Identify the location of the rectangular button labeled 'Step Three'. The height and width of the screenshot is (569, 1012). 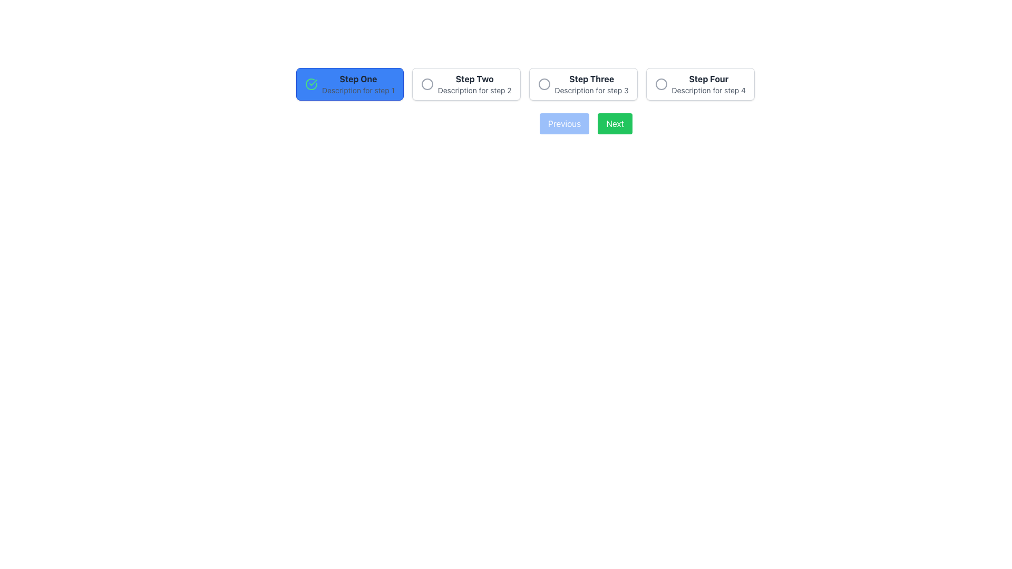
(582, 83).